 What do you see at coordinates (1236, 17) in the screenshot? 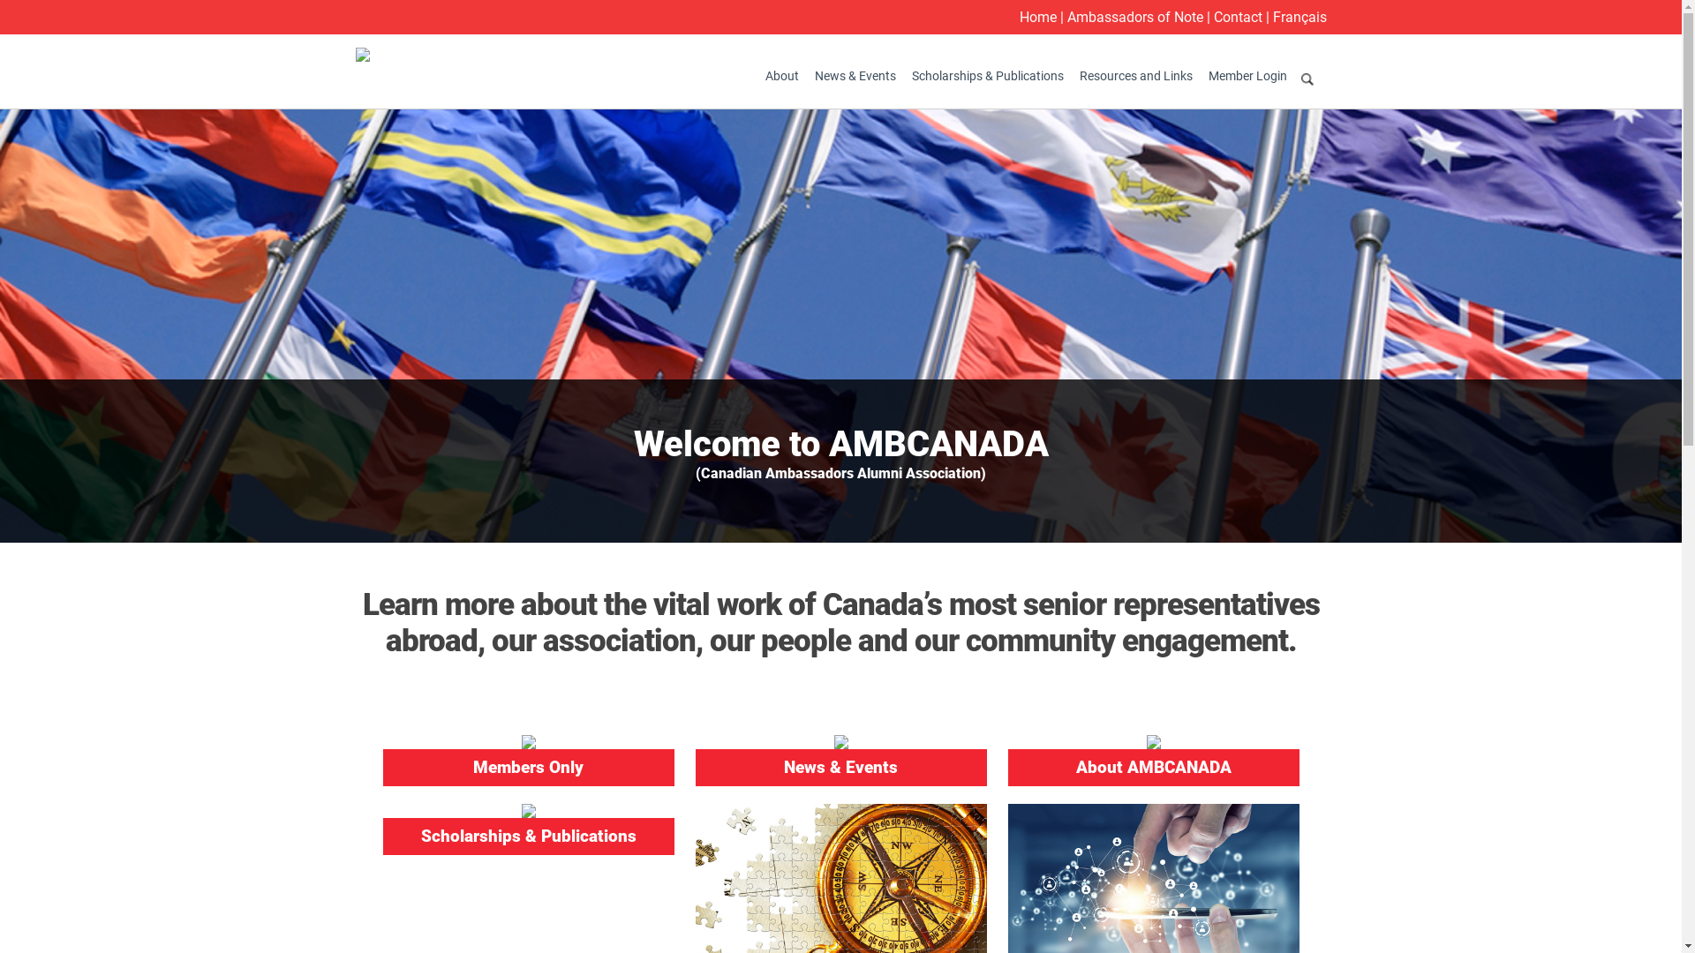
I see `'Contact'` at bounding box center [1236, 17].